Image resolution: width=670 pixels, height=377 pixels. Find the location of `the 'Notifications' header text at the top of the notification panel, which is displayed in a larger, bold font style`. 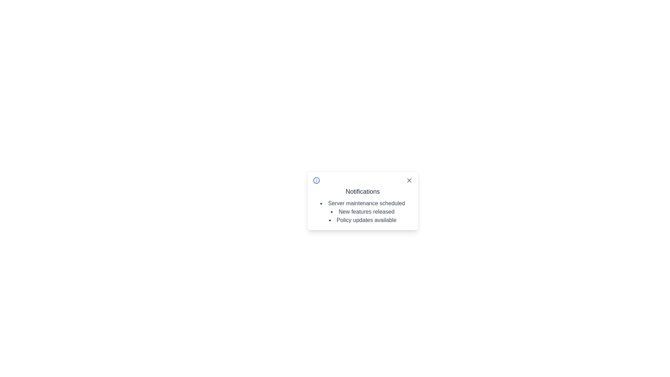

the 'Notifications' header text at the top of the notification panel, which is displayed in a larger, bold font style is located at coordinates (363, 191).